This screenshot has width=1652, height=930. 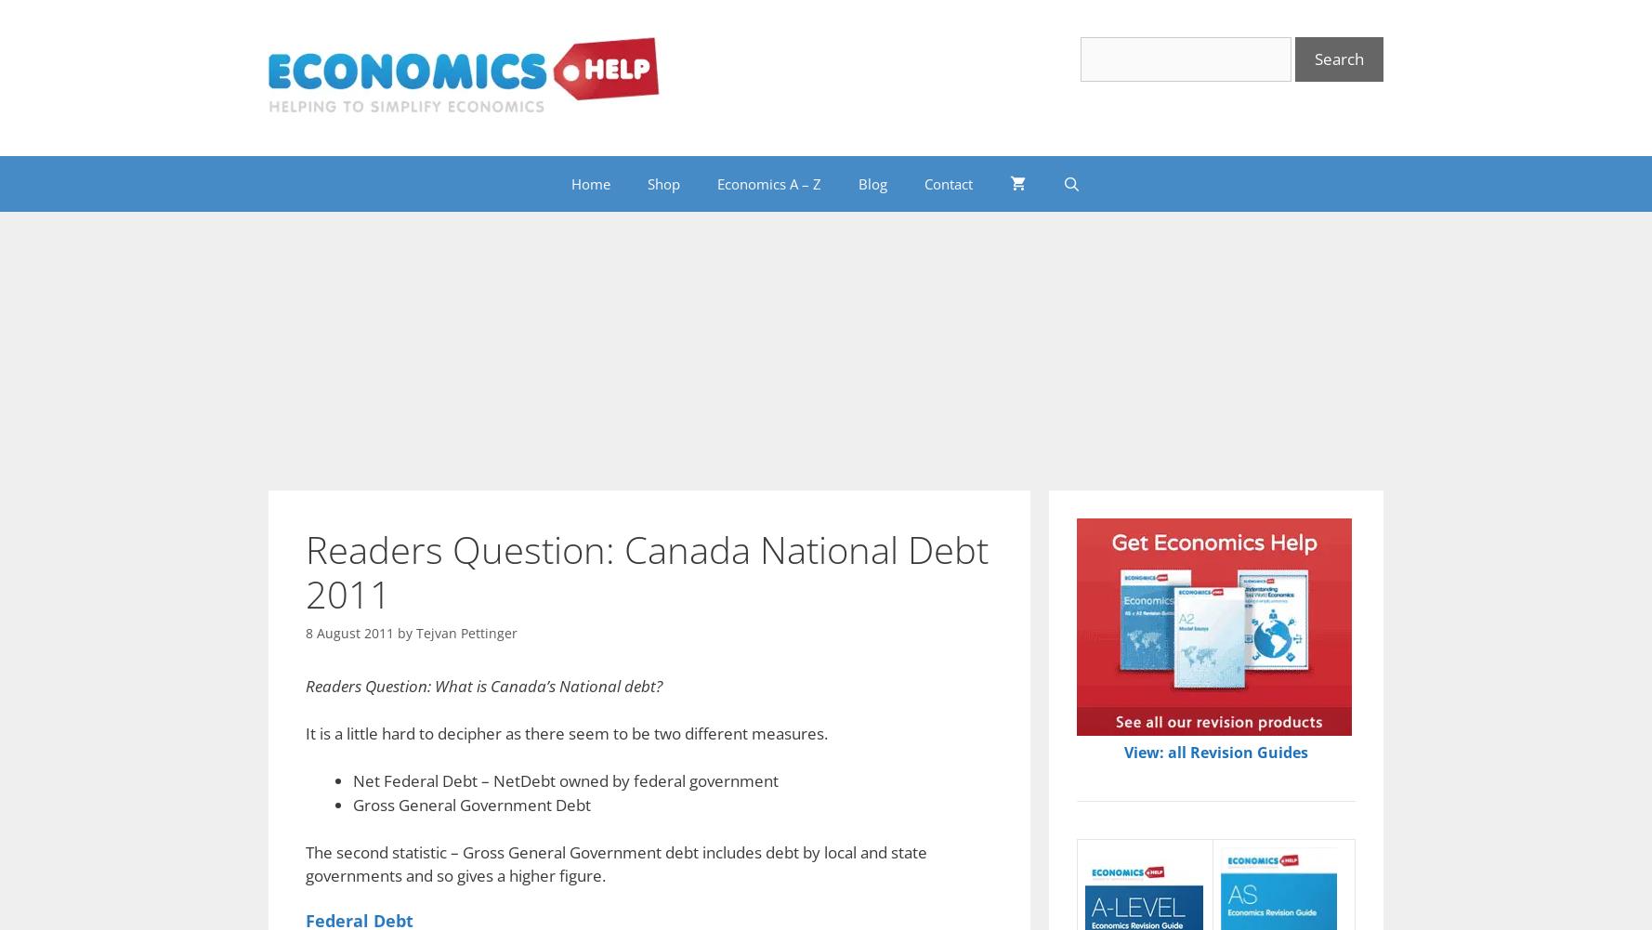 What do you see at coordinates (616, 863) in the screenshot?
I see `'The second statistic – Gross General Government debt includes debt by local and state governments and so gives a higher figure.'` at bounding box center [616, 863].